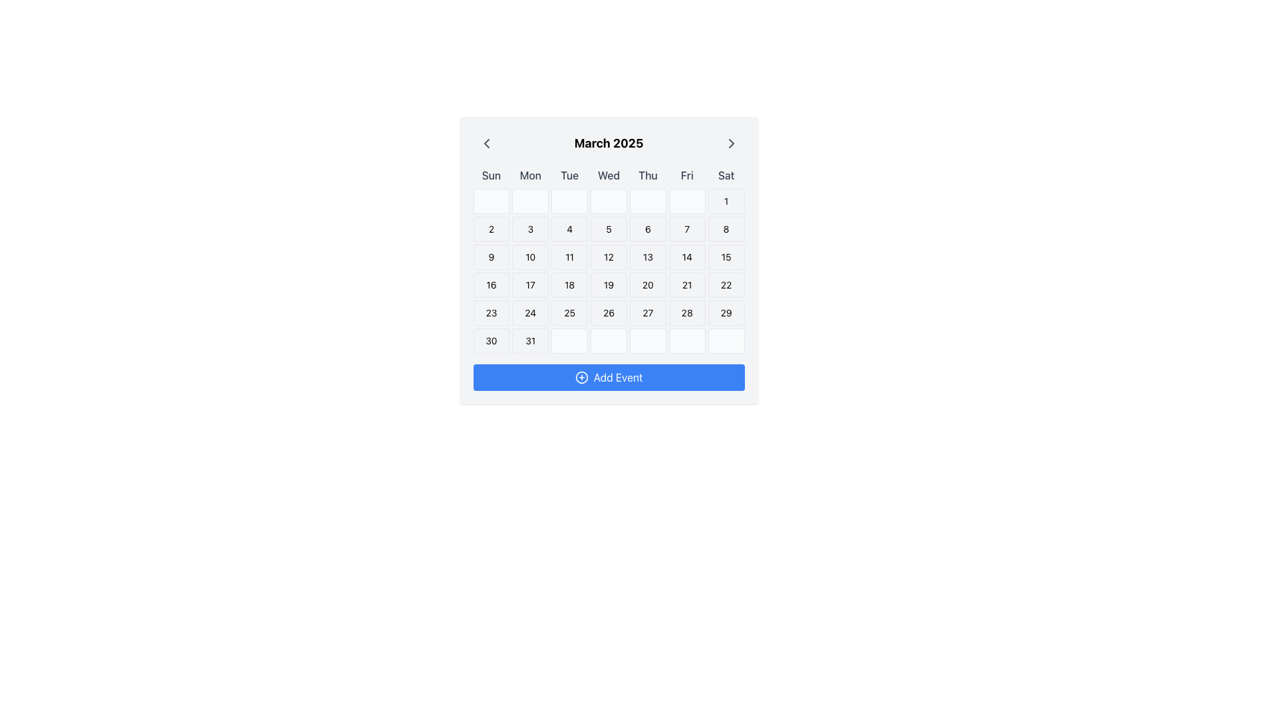 The width and height of the screenshot is (1277, 718). What do you see at coordinates (726, 201) in the screenshot?
I see `the button containing the number '1' in the calendar grid layout under the 'Sat' column, which is a small light-gray rectangular box with rounded edges` at bounding box center [726, 201].